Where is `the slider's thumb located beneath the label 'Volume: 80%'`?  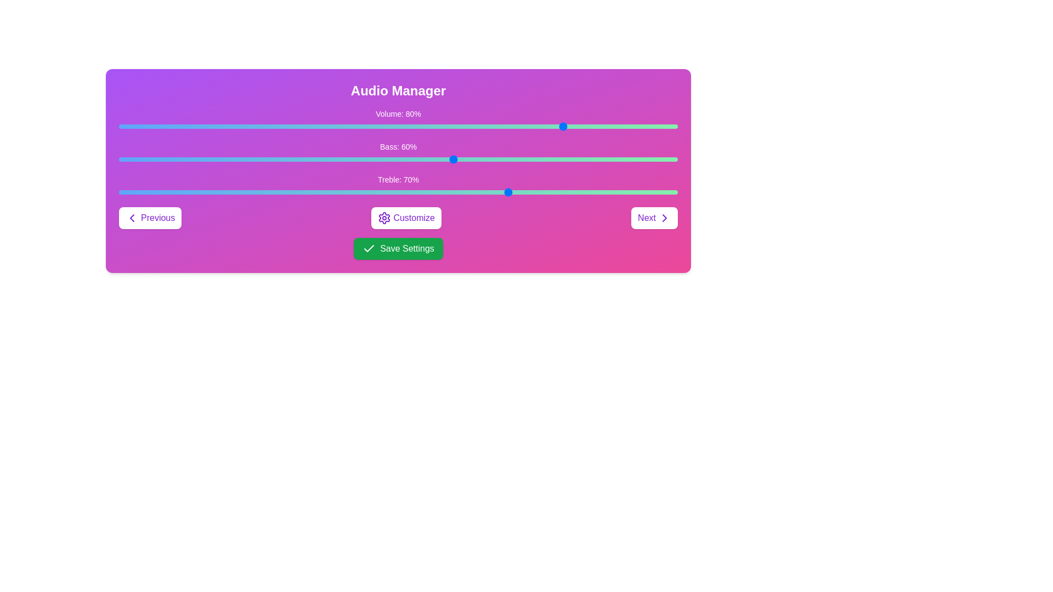 the slider's thumb located beneath the label 'Volume: 80%' is located at coordinates (398, 126).